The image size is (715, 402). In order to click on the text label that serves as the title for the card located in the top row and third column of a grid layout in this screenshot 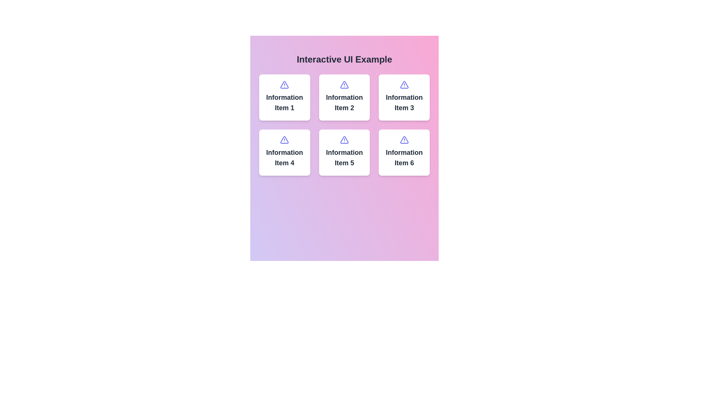, I will do `click(404, 103)`.